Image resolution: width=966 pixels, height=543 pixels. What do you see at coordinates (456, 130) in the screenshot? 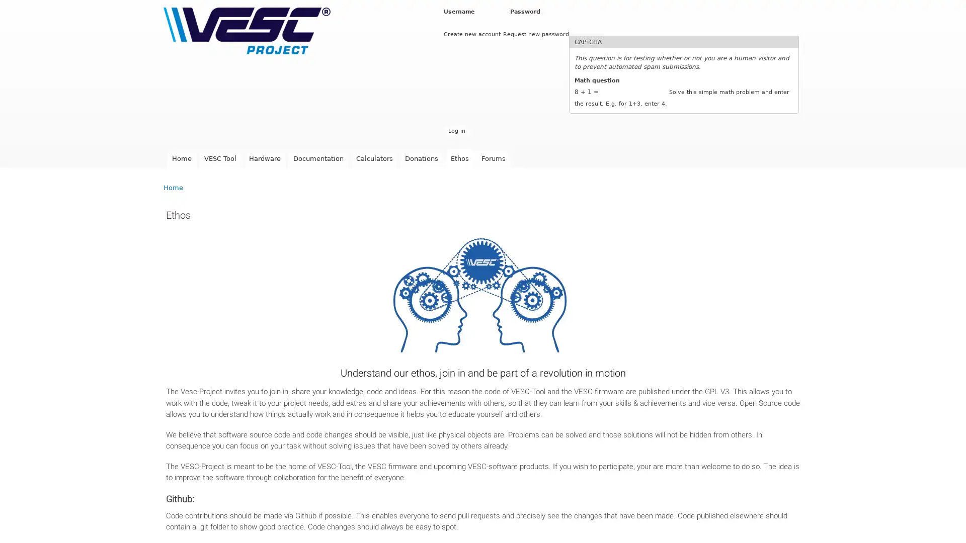
I see `Log in` at bounding box center [456, 130].